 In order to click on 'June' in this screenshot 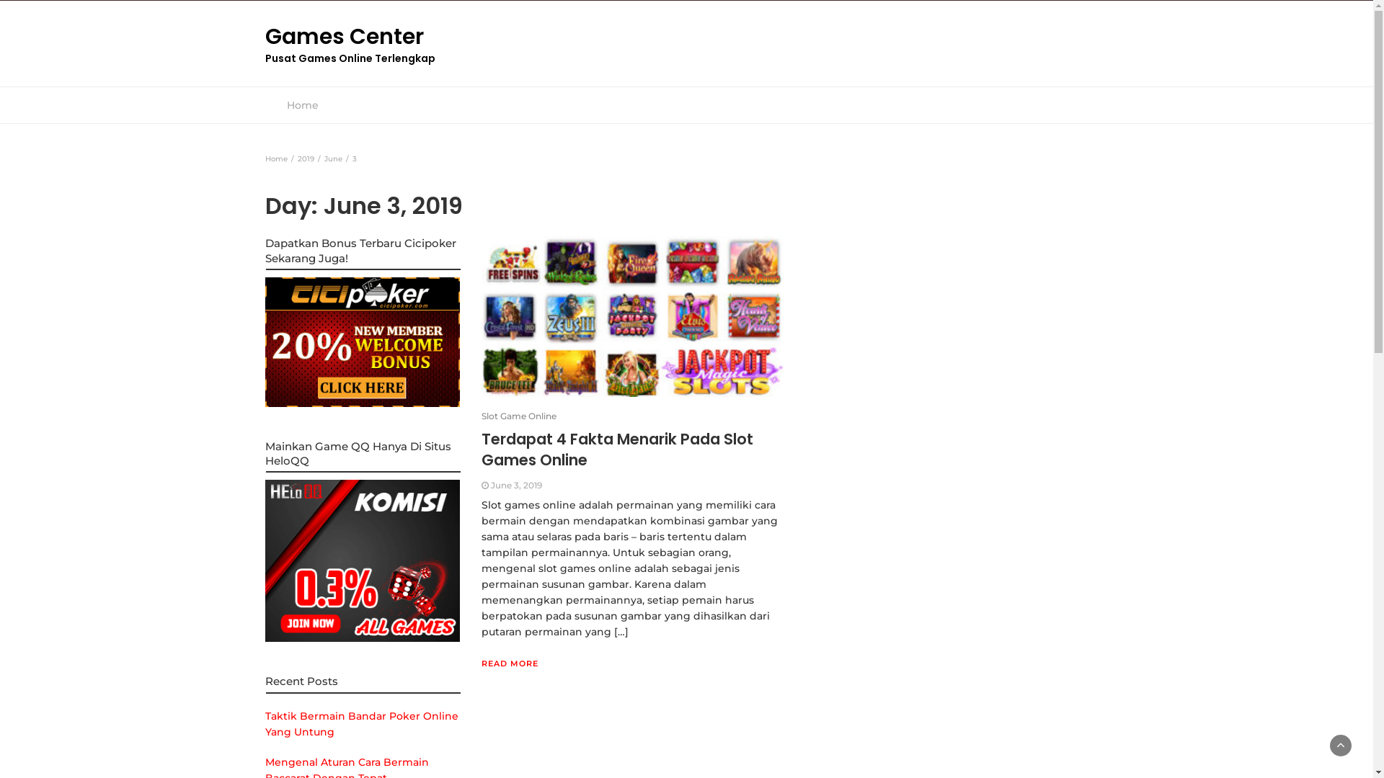, I will do `click(332, 158)`.